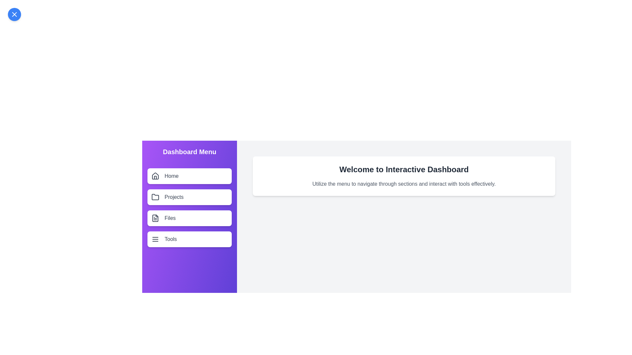 The image size is (632, 355). What do you see at coordinates (189, 197) in the screenshot?
I see `the menu item labeled Projects to navigate to its corresponding section` at bounding box center [189, 197].